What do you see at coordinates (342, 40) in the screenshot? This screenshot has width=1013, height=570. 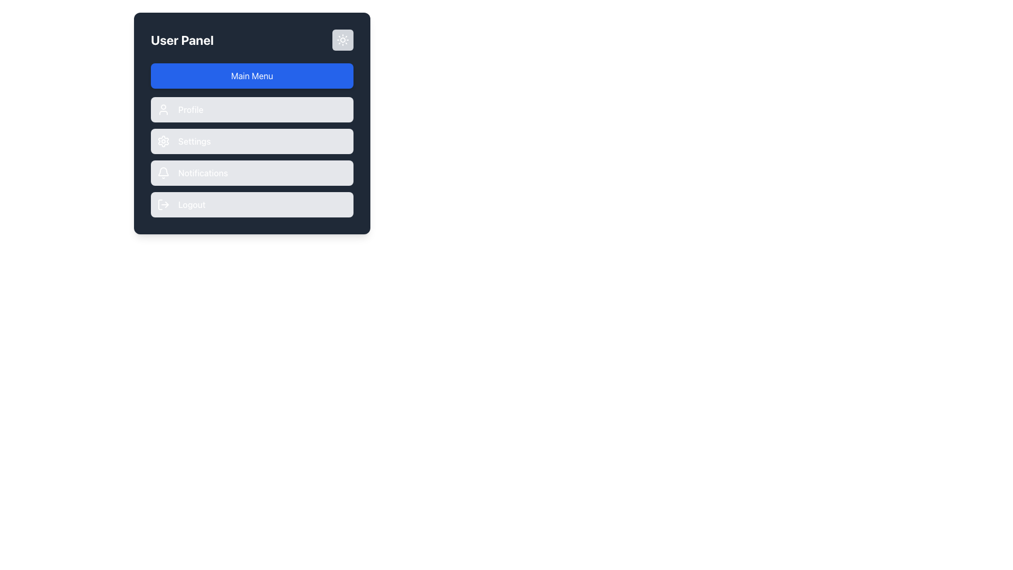 I see `the sun-shaped icon located at the top-right corner of the User Panel interface` at bounding box center [342, 40].